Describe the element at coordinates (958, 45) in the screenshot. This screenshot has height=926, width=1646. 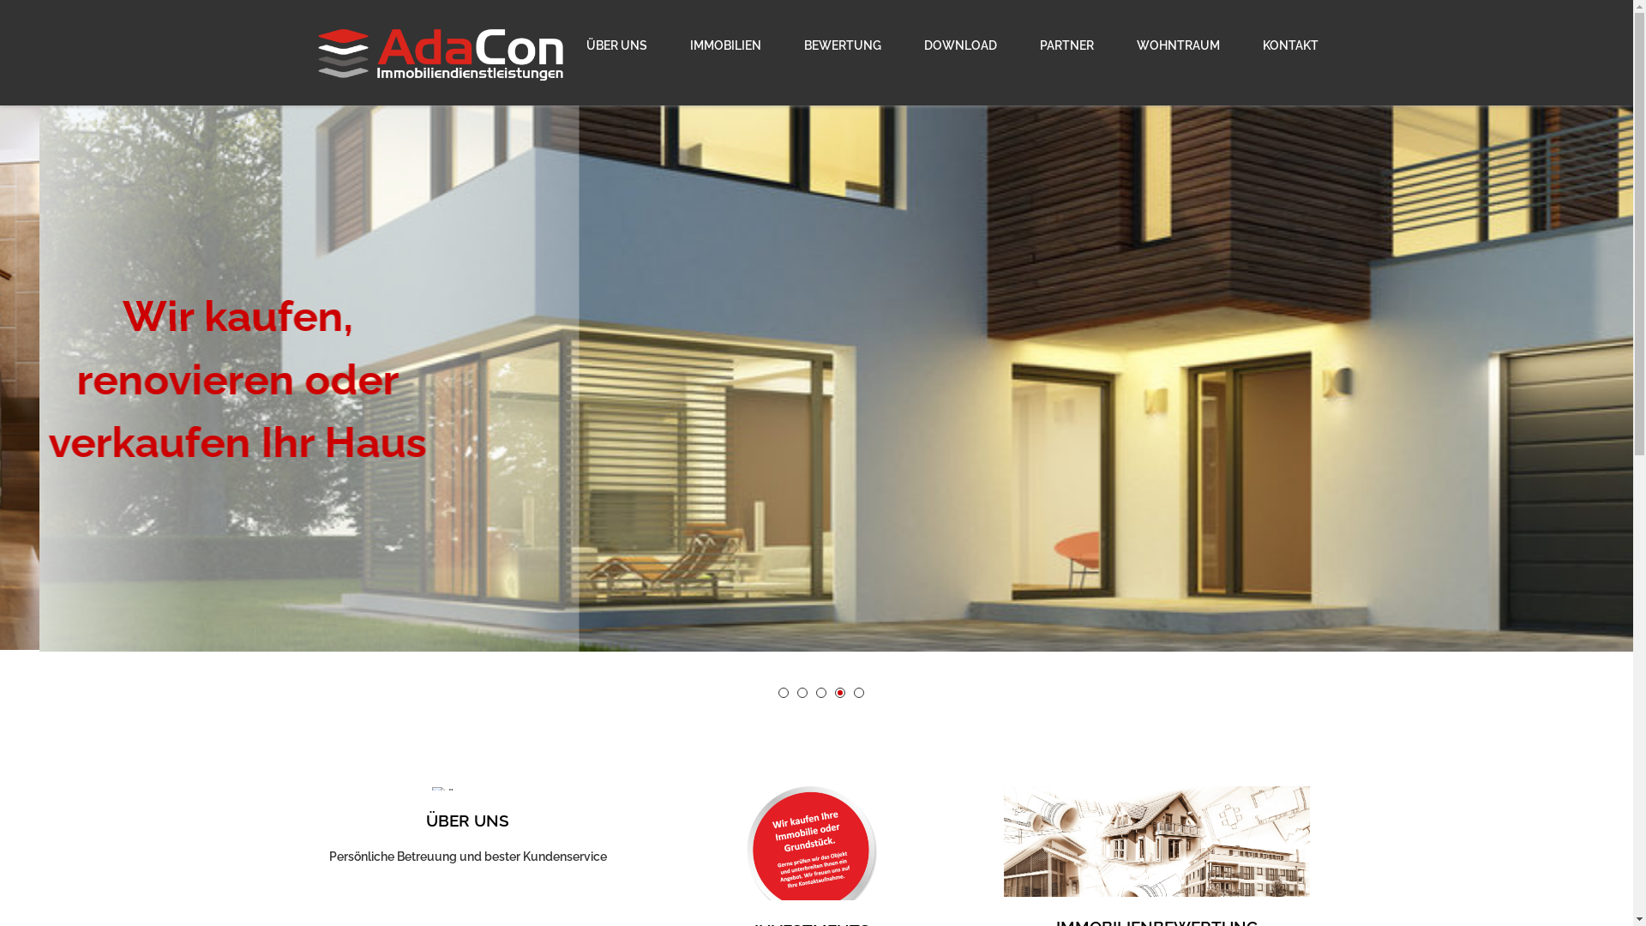
I see `'DOWNLOAD'` at that location.